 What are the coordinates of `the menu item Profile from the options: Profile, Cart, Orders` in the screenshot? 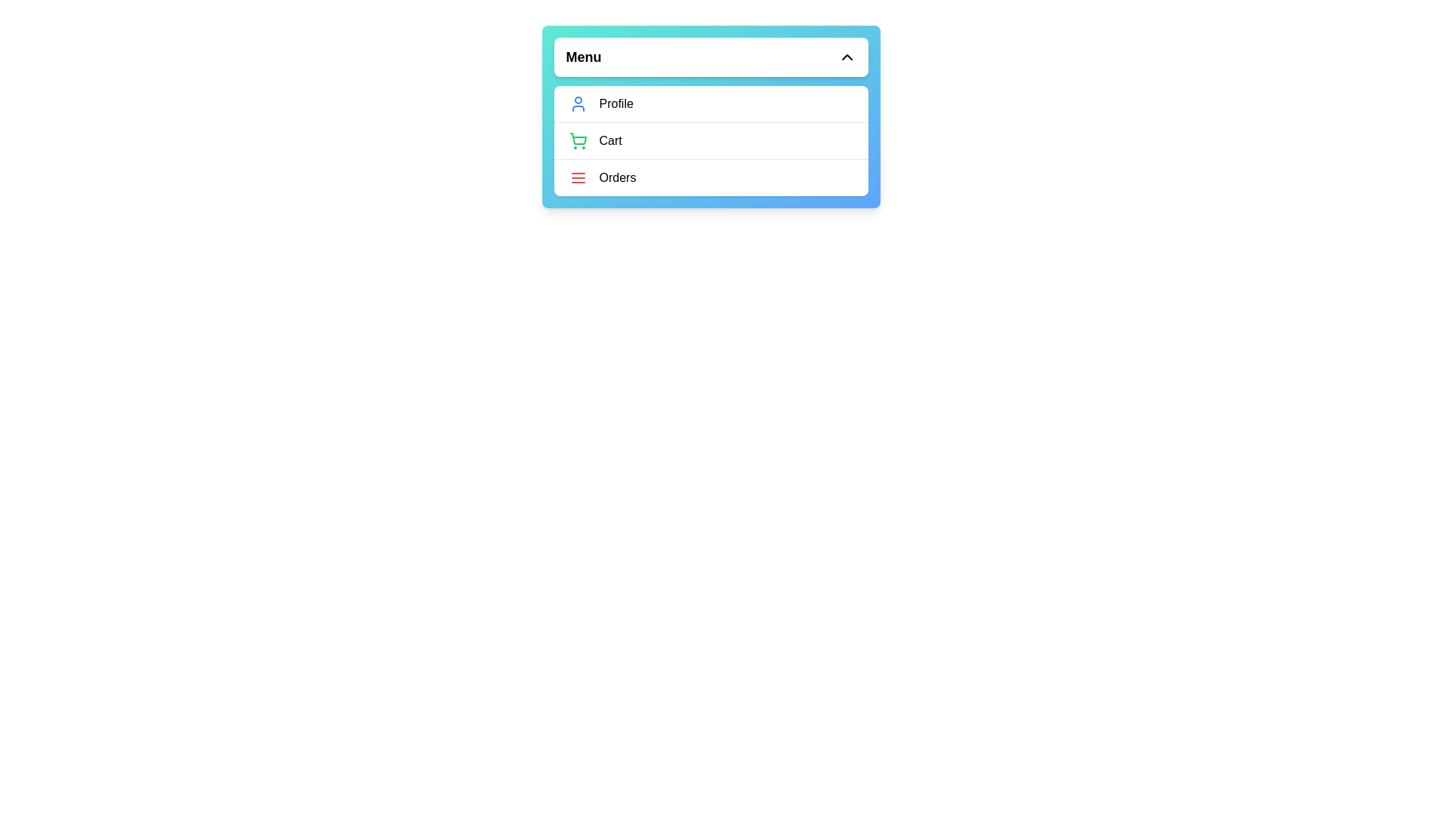 It's located at (710, 103).